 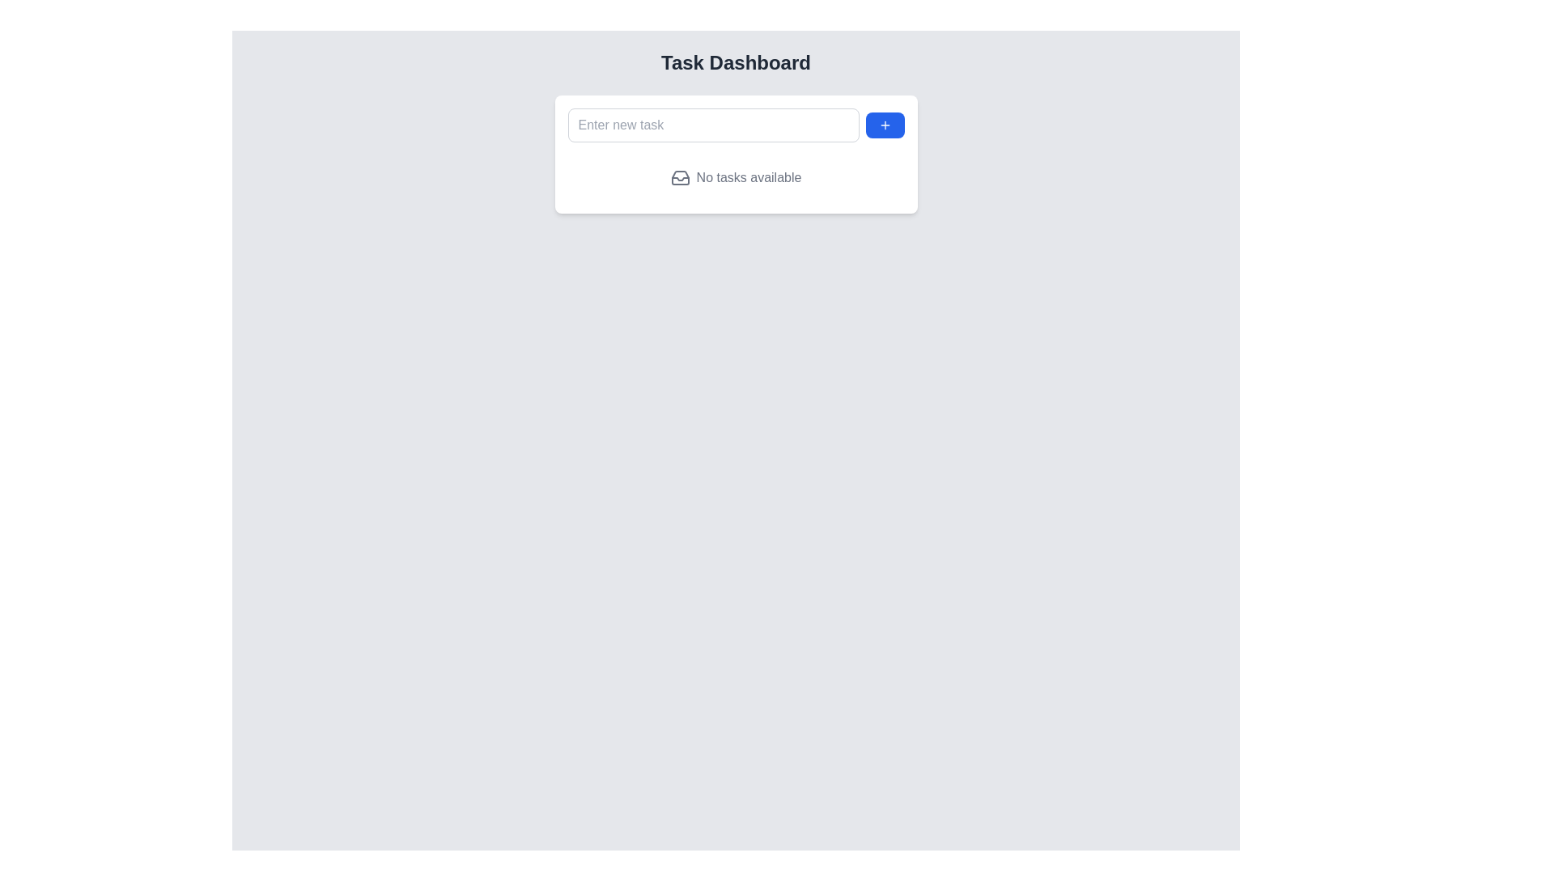 What do you see at coordinates (884, 124) in the screenshot?
I see `the addition icon located at the top-center of the task dashboard` at bounding box center [884, 124].